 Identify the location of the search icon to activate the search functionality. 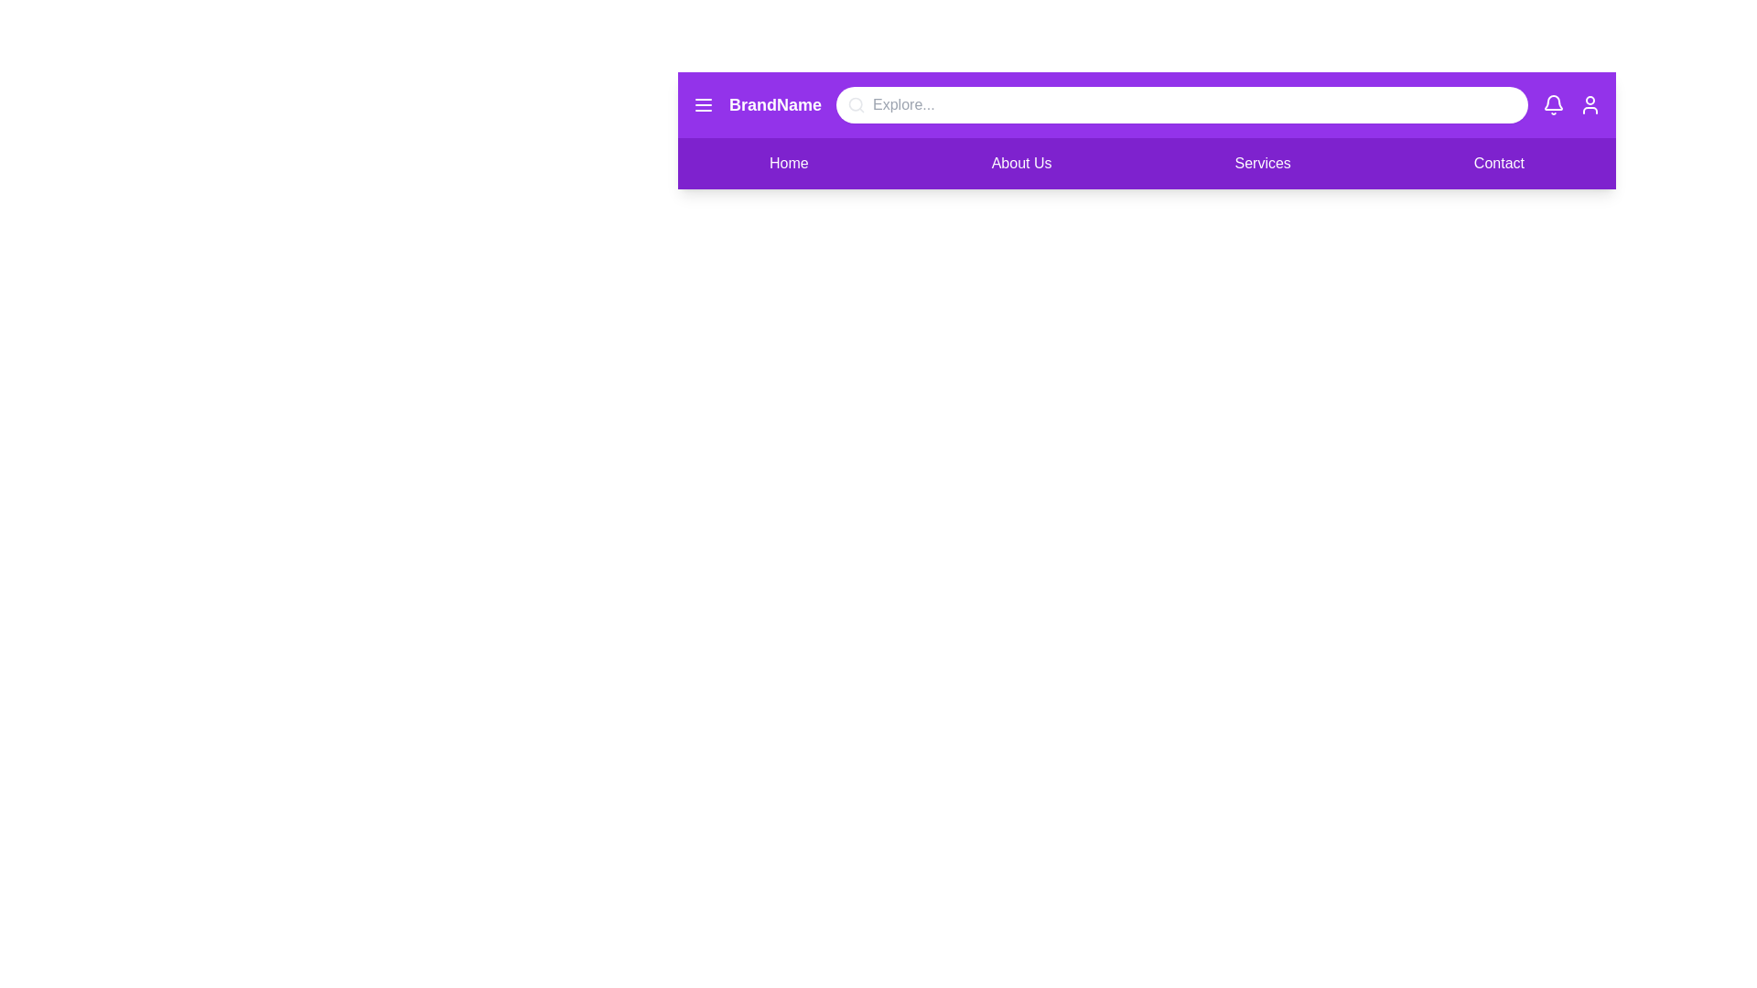
(856, 105).